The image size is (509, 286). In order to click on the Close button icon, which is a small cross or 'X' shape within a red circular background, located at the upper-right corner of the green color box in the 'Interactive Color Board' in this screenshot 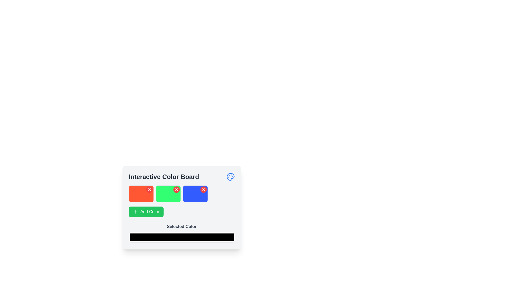, I will do `click(176, 189)`.